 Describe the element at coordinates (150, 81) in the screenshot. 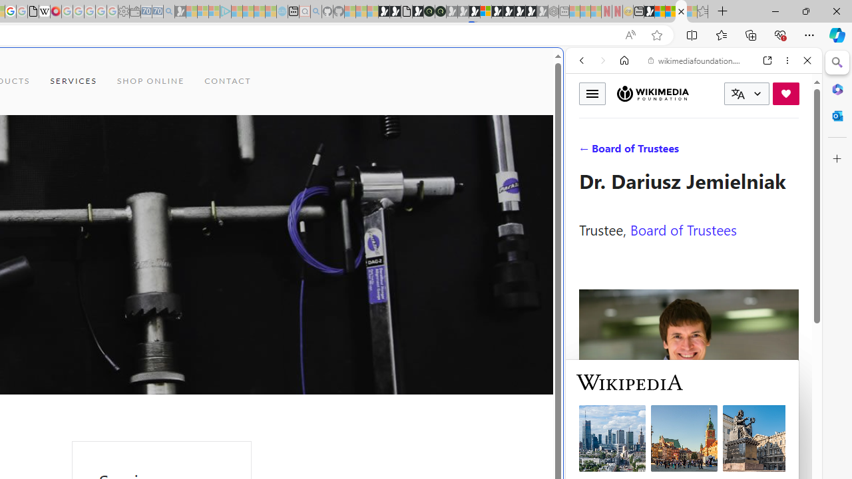

I see `'SHOP ONLINE'` at that location.